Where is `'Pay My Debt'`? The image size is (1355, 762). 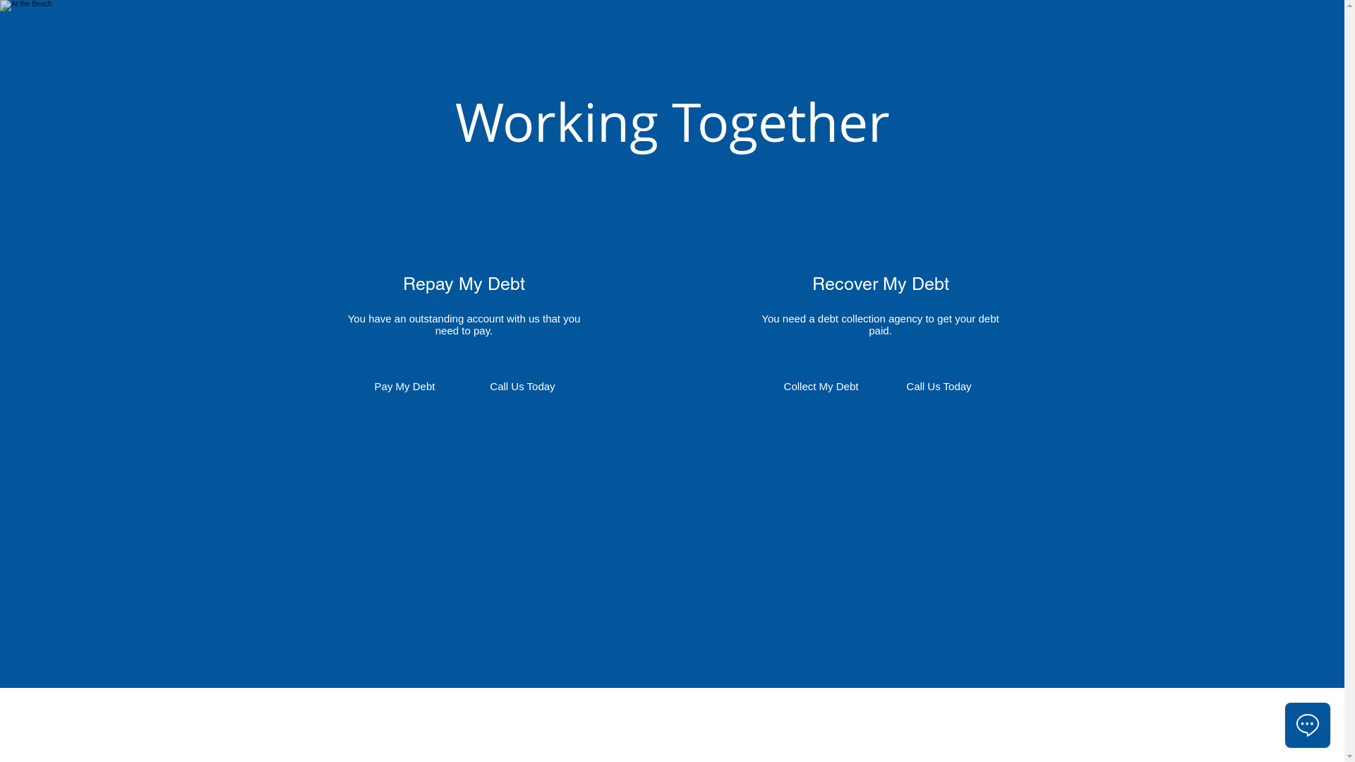
'Pay My Debt' is located at coordinates (403, 386).